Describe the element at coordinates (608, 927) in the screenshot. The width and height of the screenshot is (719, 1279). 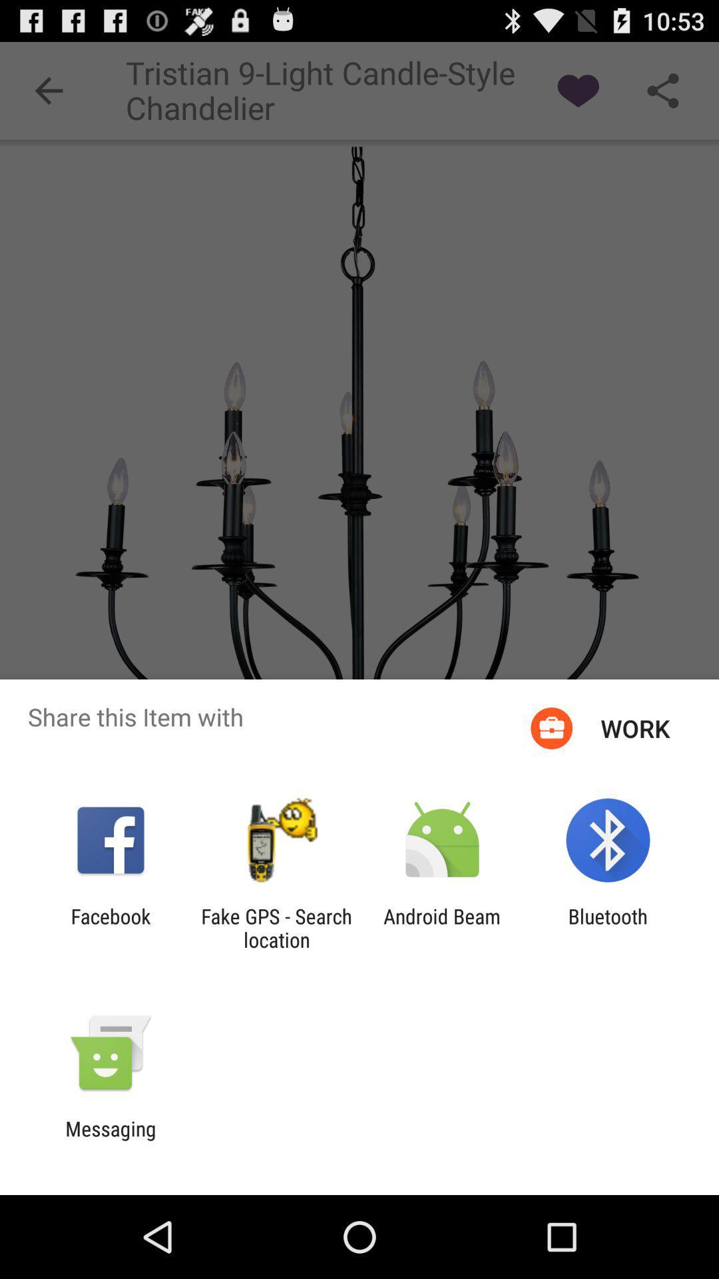
I see `bluetooth at the bottom right corner` at that location.